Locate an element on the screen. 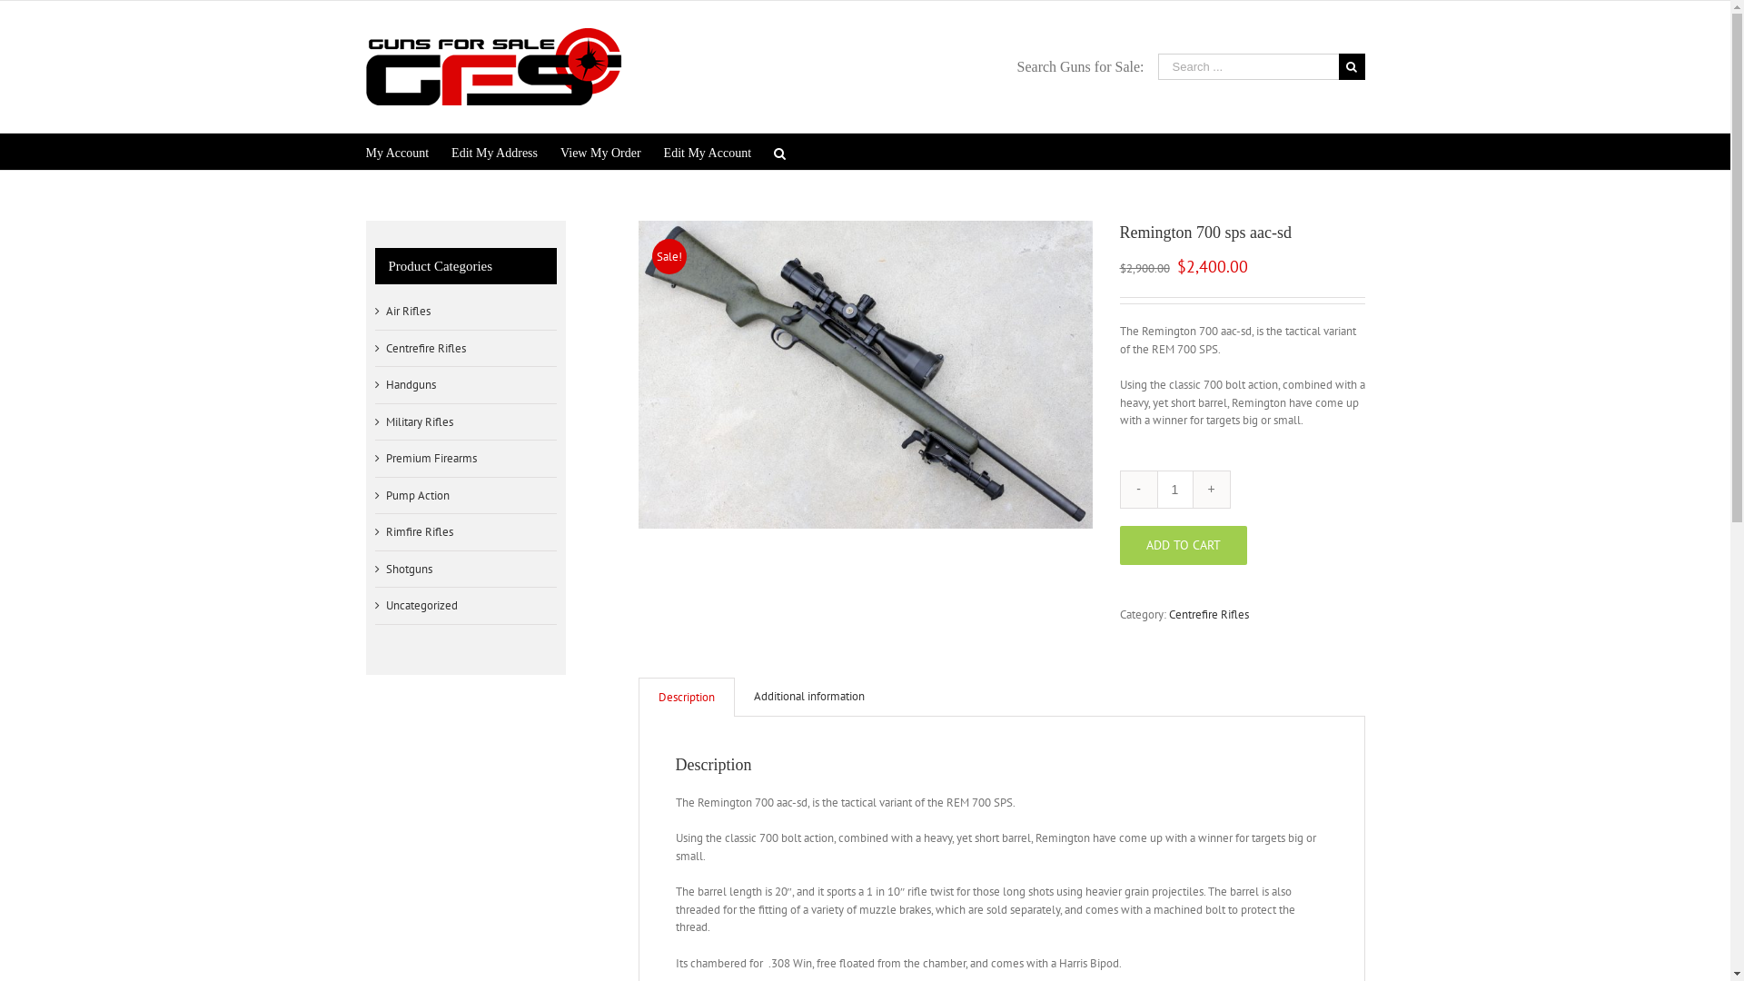 The image size is (1744, 981). 'Military Rifles' is located at coordinates (417, 422).